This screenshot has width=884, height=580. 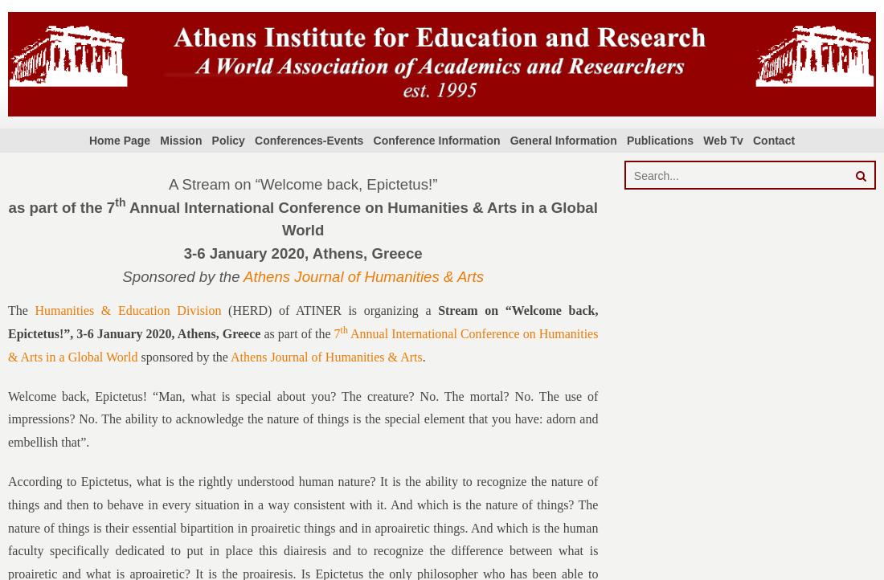 What do you see at coordinates (137, 355) in the screenshot?
I see `'sponsored by the'` at bounding box center [137, 355].